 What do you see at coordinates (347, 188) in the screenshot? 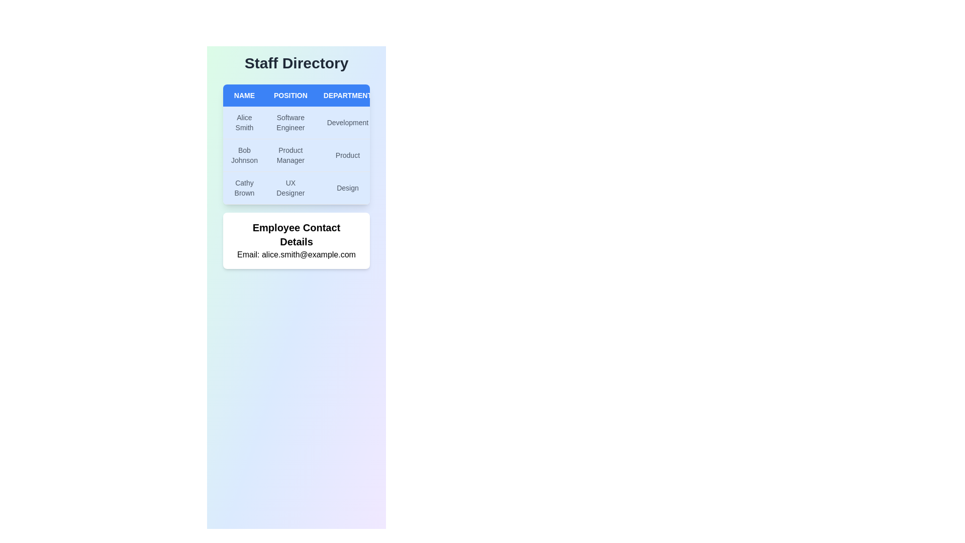
I see `the text label reading 'Design', which is styled with padding on a light blue background and located in the third row and third column of the table under the 'DEPARTMENT' header` at bounding box center [347, 188].